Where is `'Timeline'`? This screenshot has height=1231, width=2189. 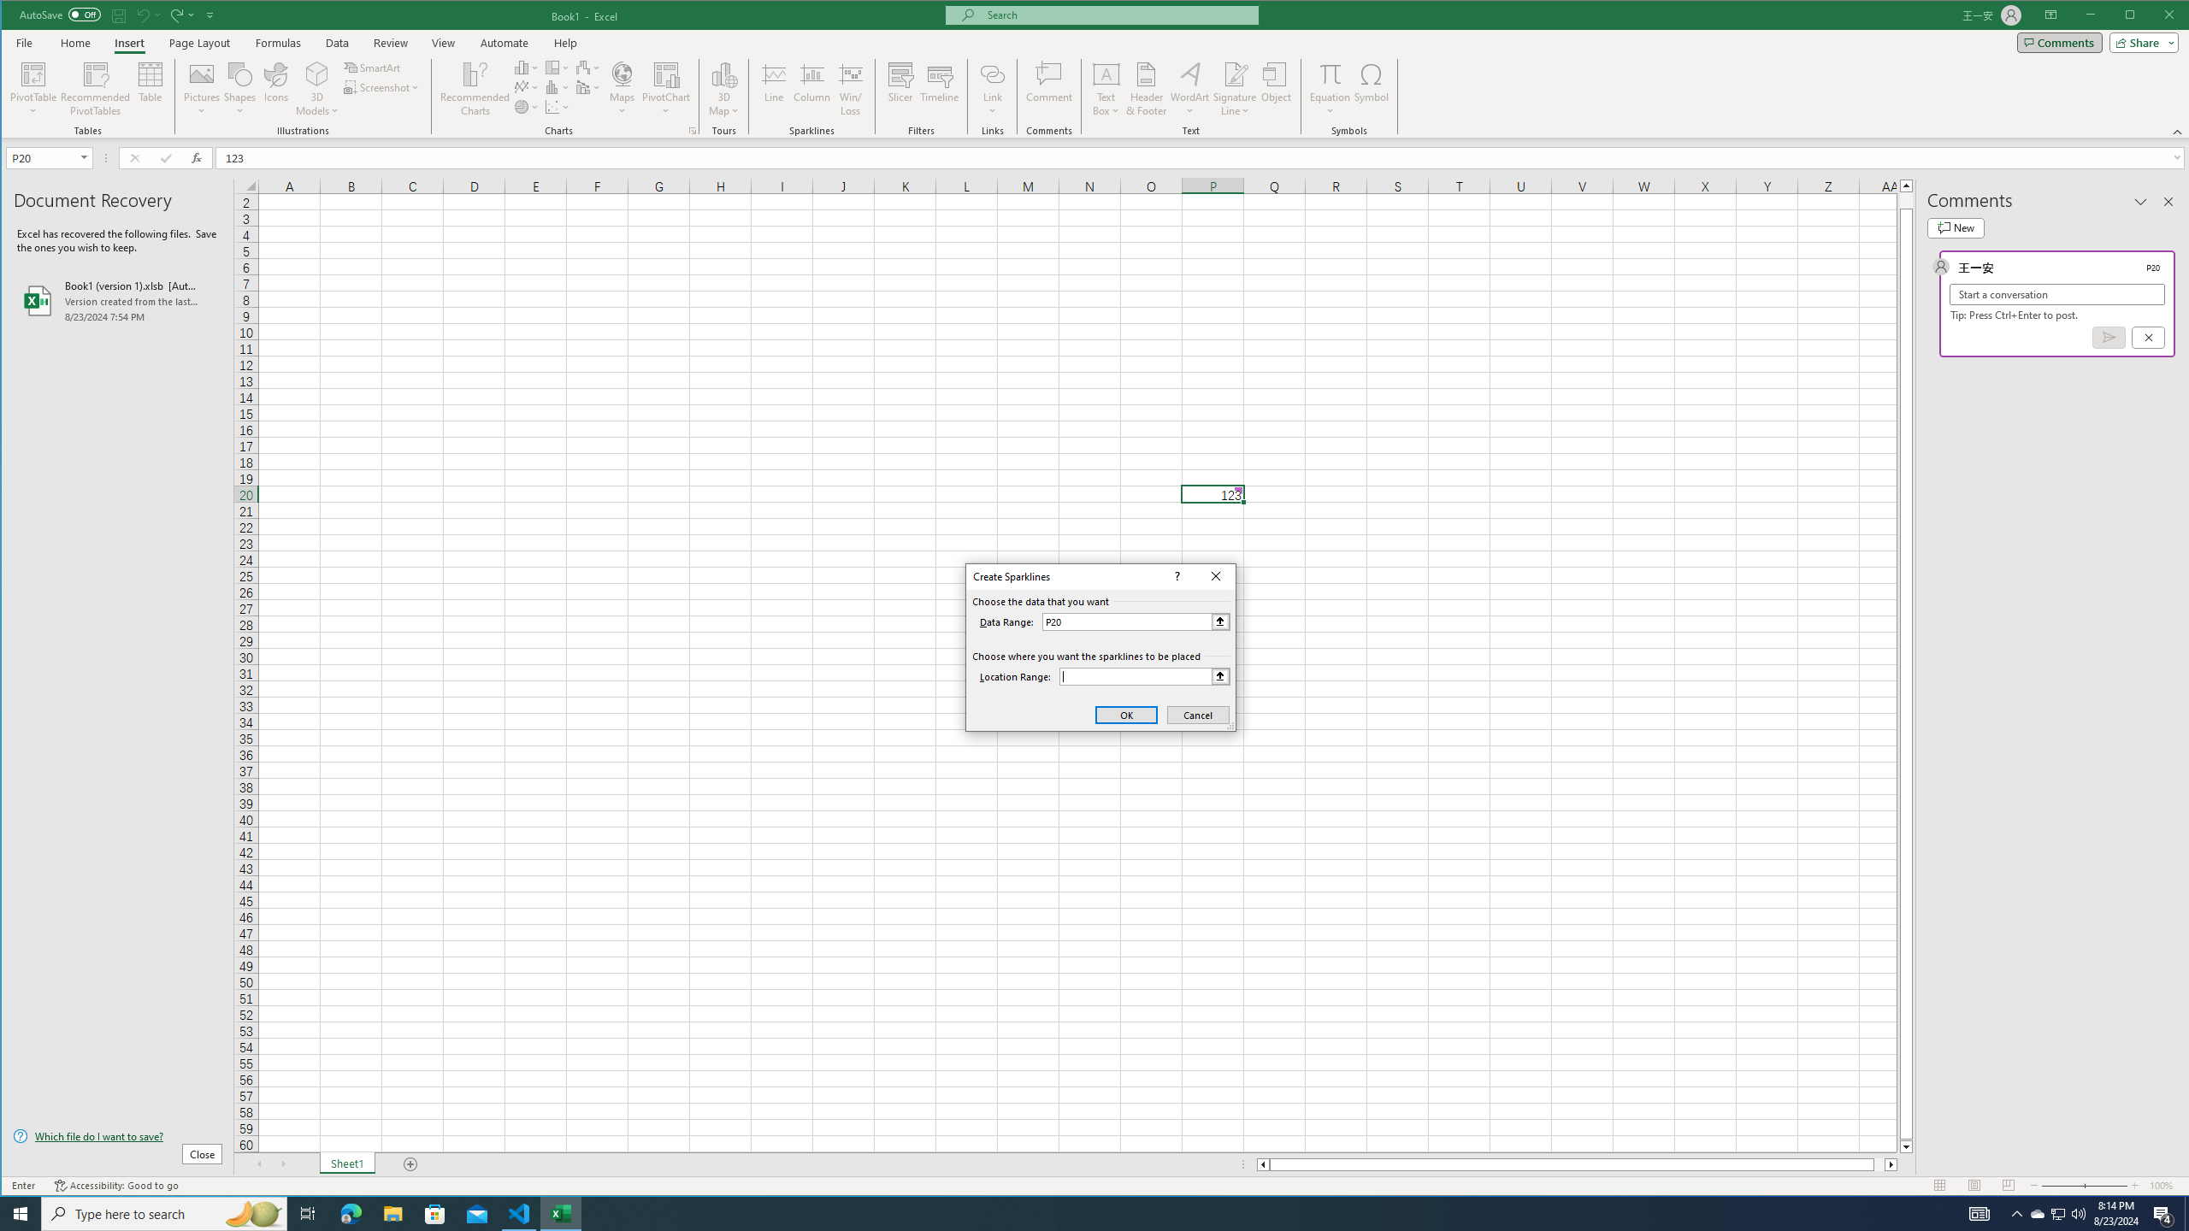
'Timeline' is located at coordinates (939, 88).